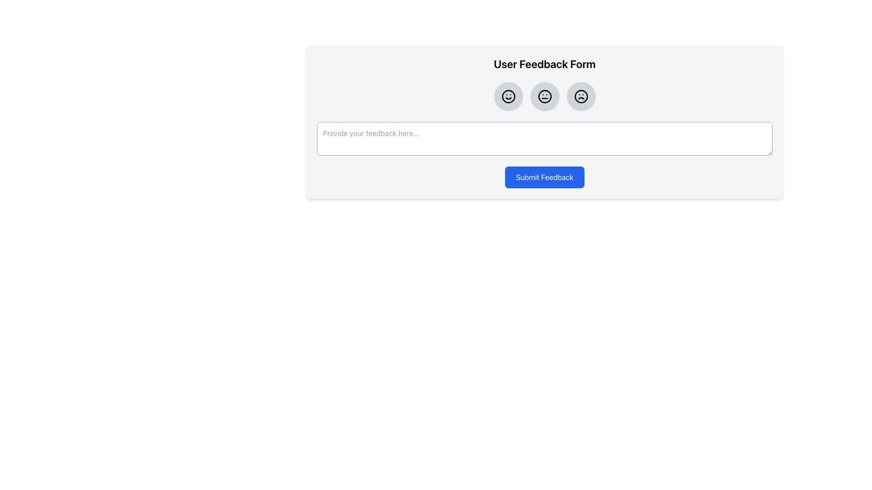 The image size is (872, 490). Describe the element at coordinates (545, 96) in the screenshot. I see `the neutral face icon button, which is the second icon in a horizontal set of three icons at the top of the feedback form` at that location.